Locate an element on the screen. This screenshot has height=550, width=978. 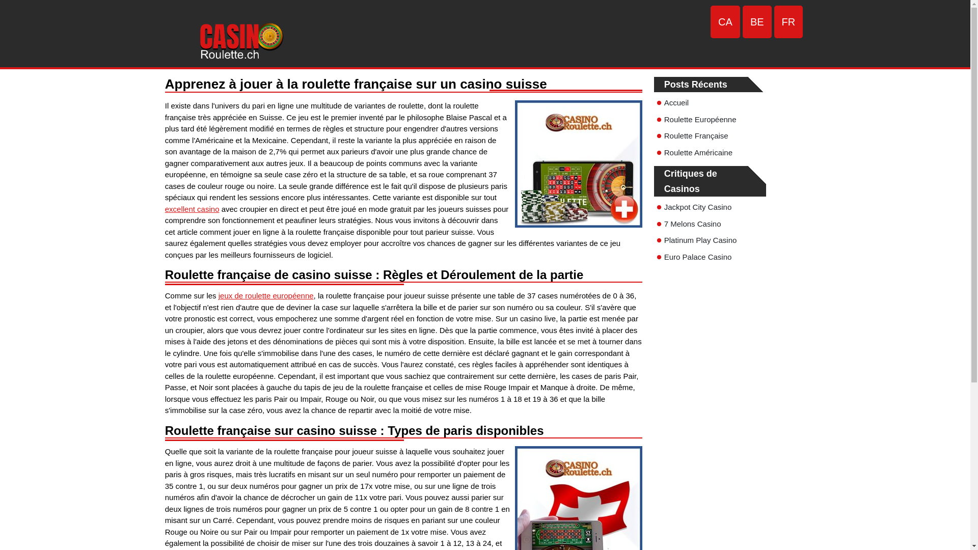
'7 Melons Casino' is located at coordinates (692, 223).